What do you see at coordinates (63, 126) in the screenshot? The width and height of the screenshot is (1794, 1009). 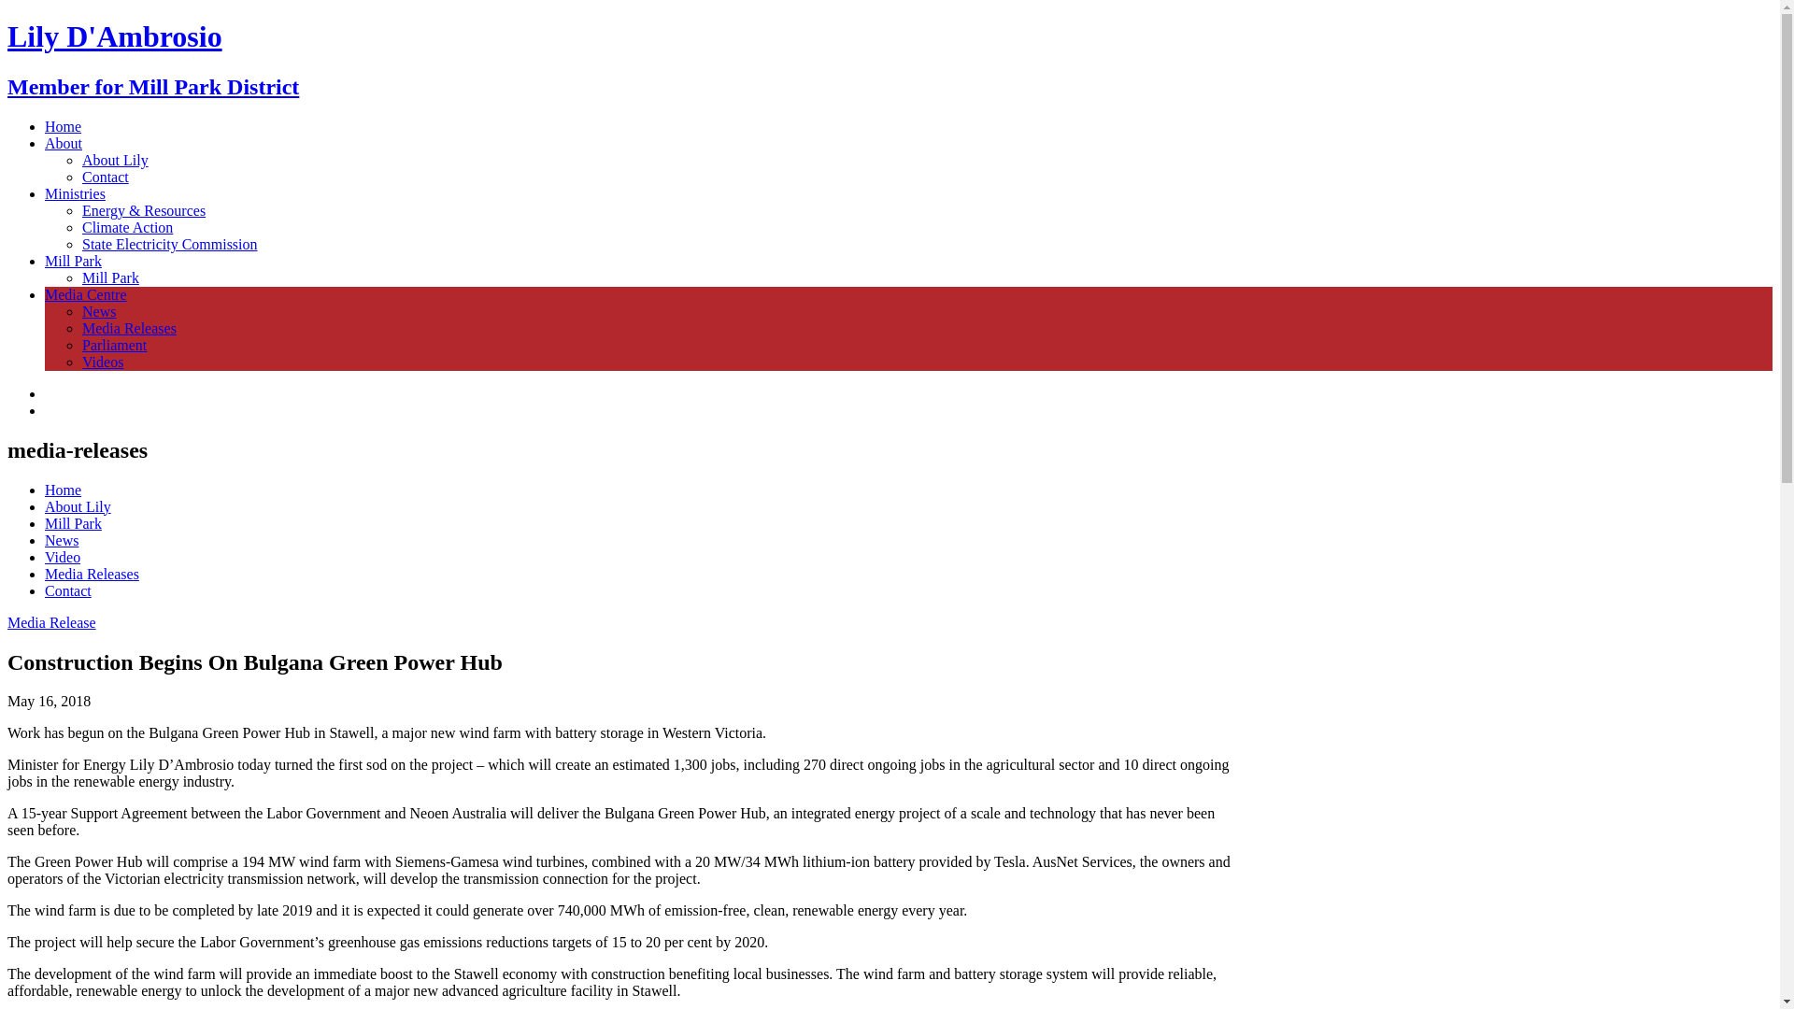 I see `'Home'` at bounding box center [63, 126].